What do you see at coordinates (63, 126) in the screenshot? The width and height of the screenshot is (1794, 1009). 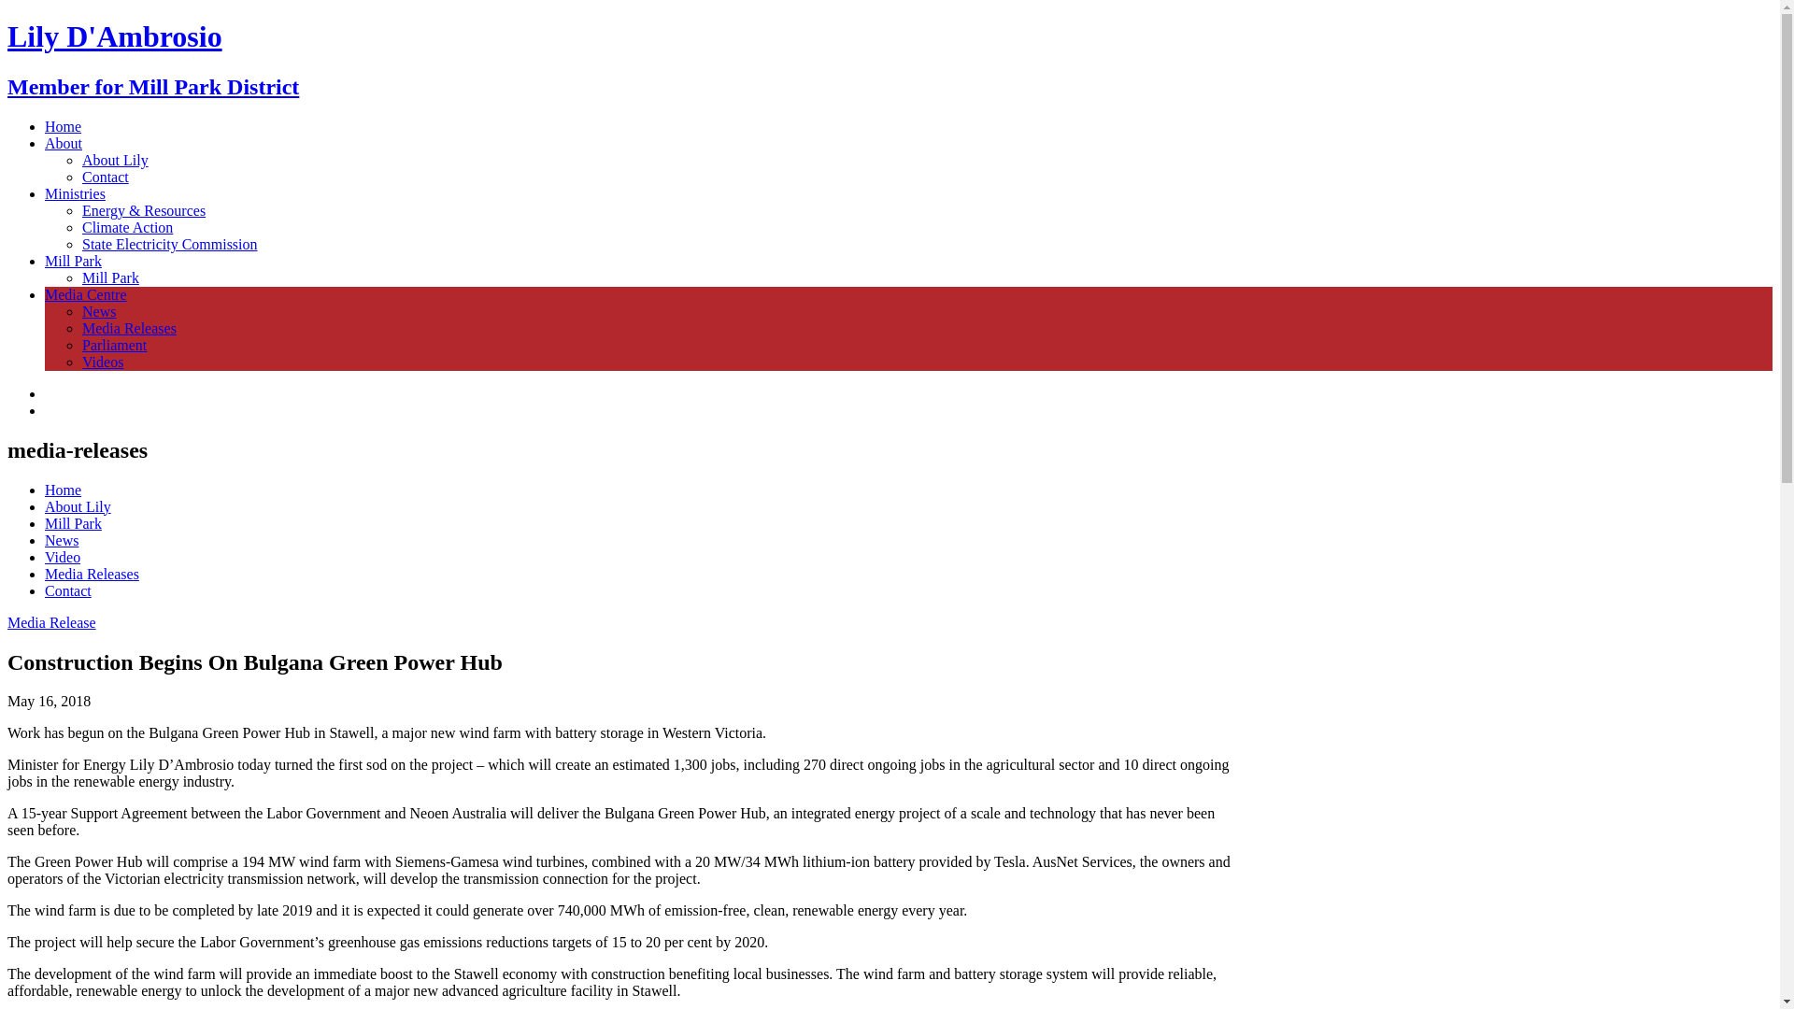 I see `'Home'` at bounding box center [63, 126].